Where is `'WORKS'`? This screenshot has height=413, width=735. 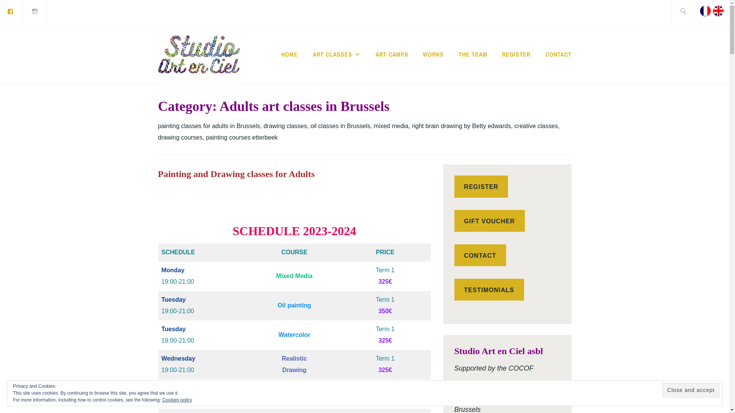
'WORKS' is located at coordinates (433, 54).